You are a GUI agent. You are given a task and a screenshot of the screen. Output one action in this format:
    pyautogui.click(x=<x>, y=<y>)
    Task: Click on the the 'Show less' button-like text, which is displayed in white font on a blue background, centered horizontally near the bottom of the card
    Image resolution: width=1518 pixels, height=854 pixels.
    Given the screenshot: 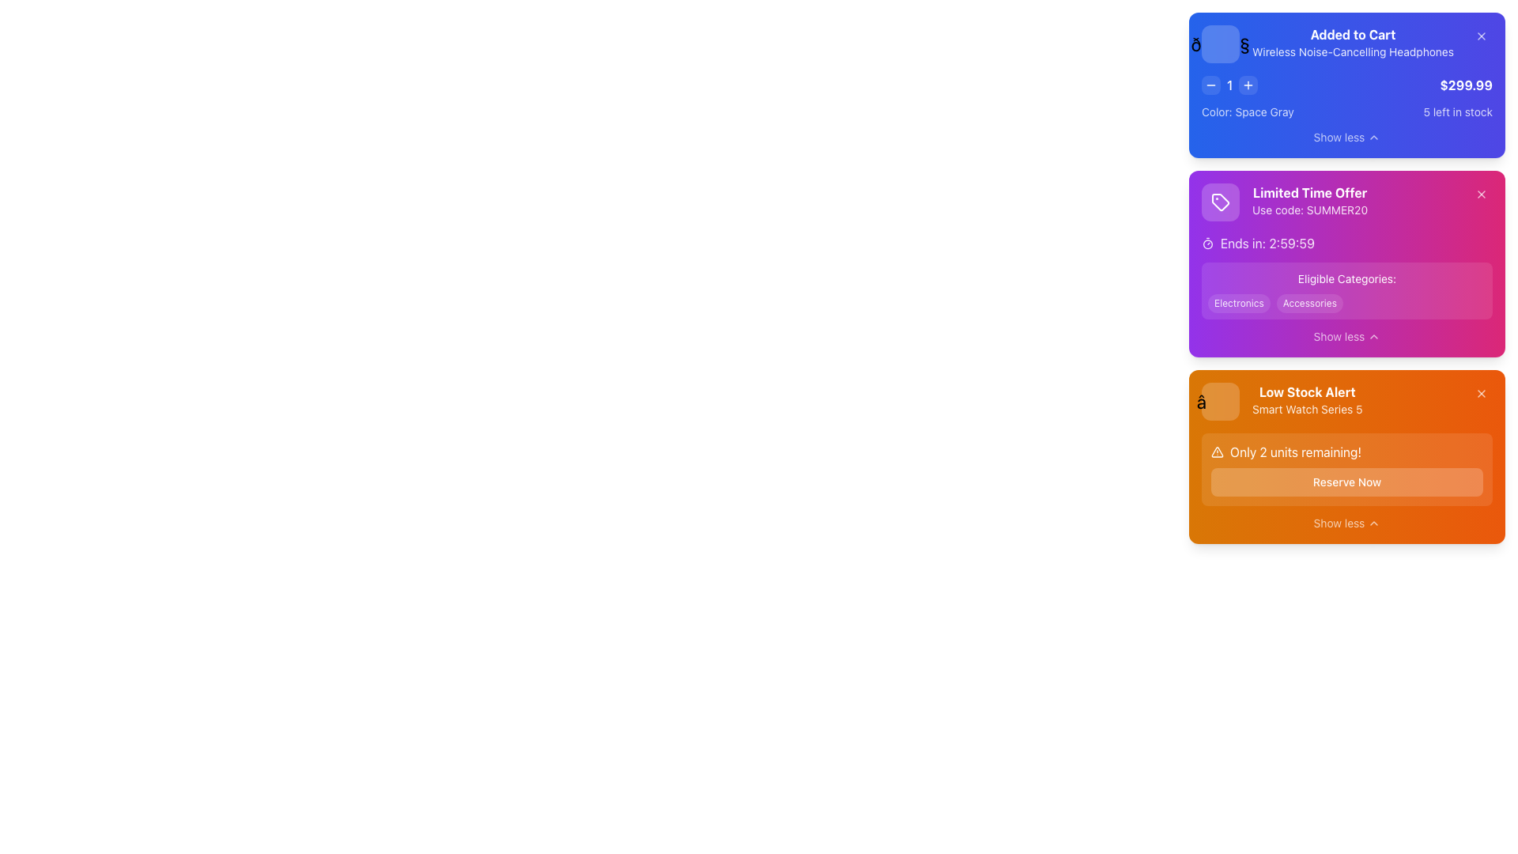 What is the action you would take?
    pyautogui.click(x=1339, y=136)
    